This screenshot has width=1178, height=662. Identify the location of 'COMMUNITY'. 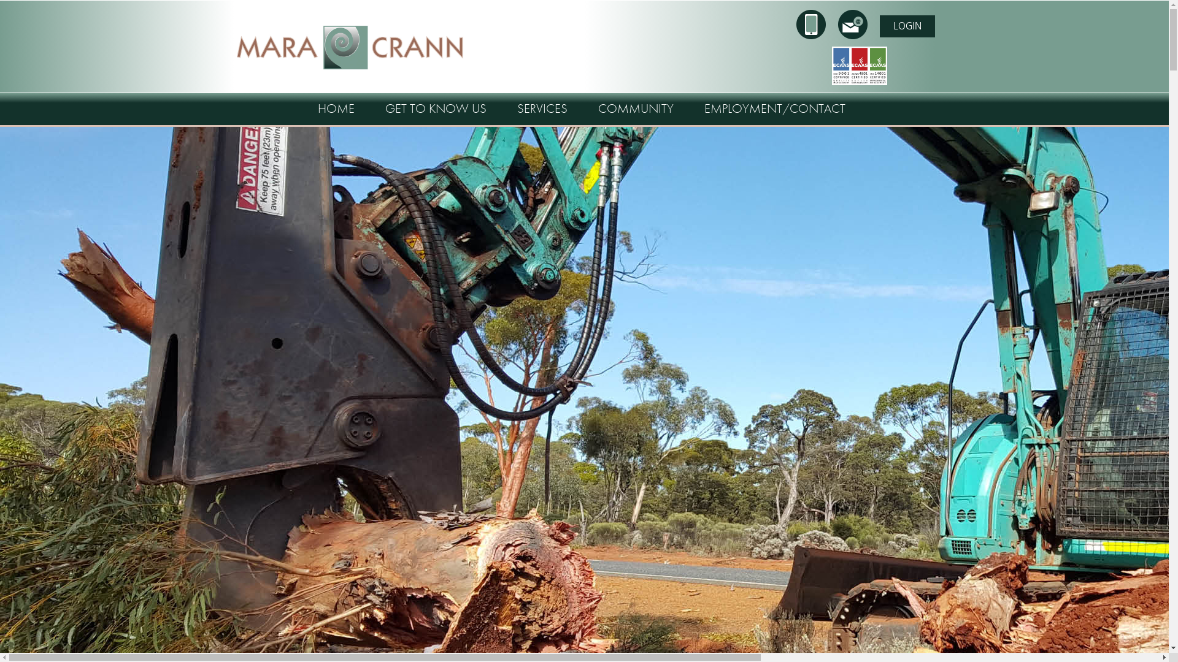
(635, 108).